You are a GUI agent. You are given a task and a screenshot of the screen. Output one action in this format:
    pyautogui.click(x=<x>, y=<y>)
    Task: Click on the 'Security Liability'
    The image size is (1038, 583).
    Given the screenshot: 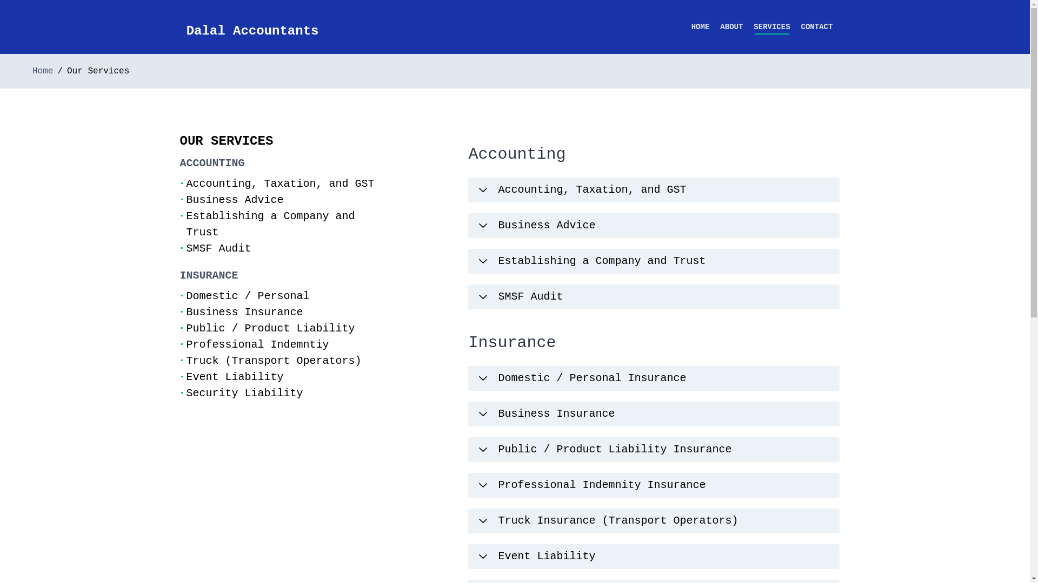 What is the action you would take?
    pyautogui.click(x=243, y=393)
    